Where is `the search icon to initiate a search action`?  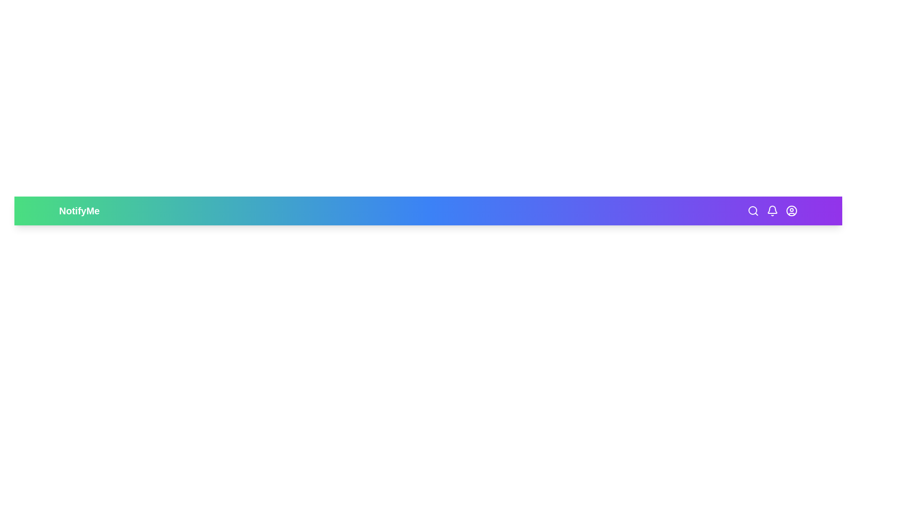
the search icon to initiate a search action is located at coordinates (752, 210).